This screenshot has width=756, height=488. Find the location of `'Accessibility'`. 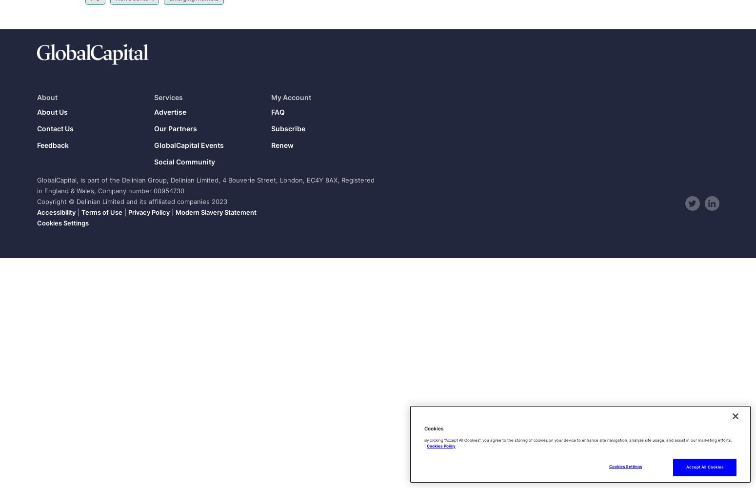

'Accessibility' is located at coordinates (56, 212).